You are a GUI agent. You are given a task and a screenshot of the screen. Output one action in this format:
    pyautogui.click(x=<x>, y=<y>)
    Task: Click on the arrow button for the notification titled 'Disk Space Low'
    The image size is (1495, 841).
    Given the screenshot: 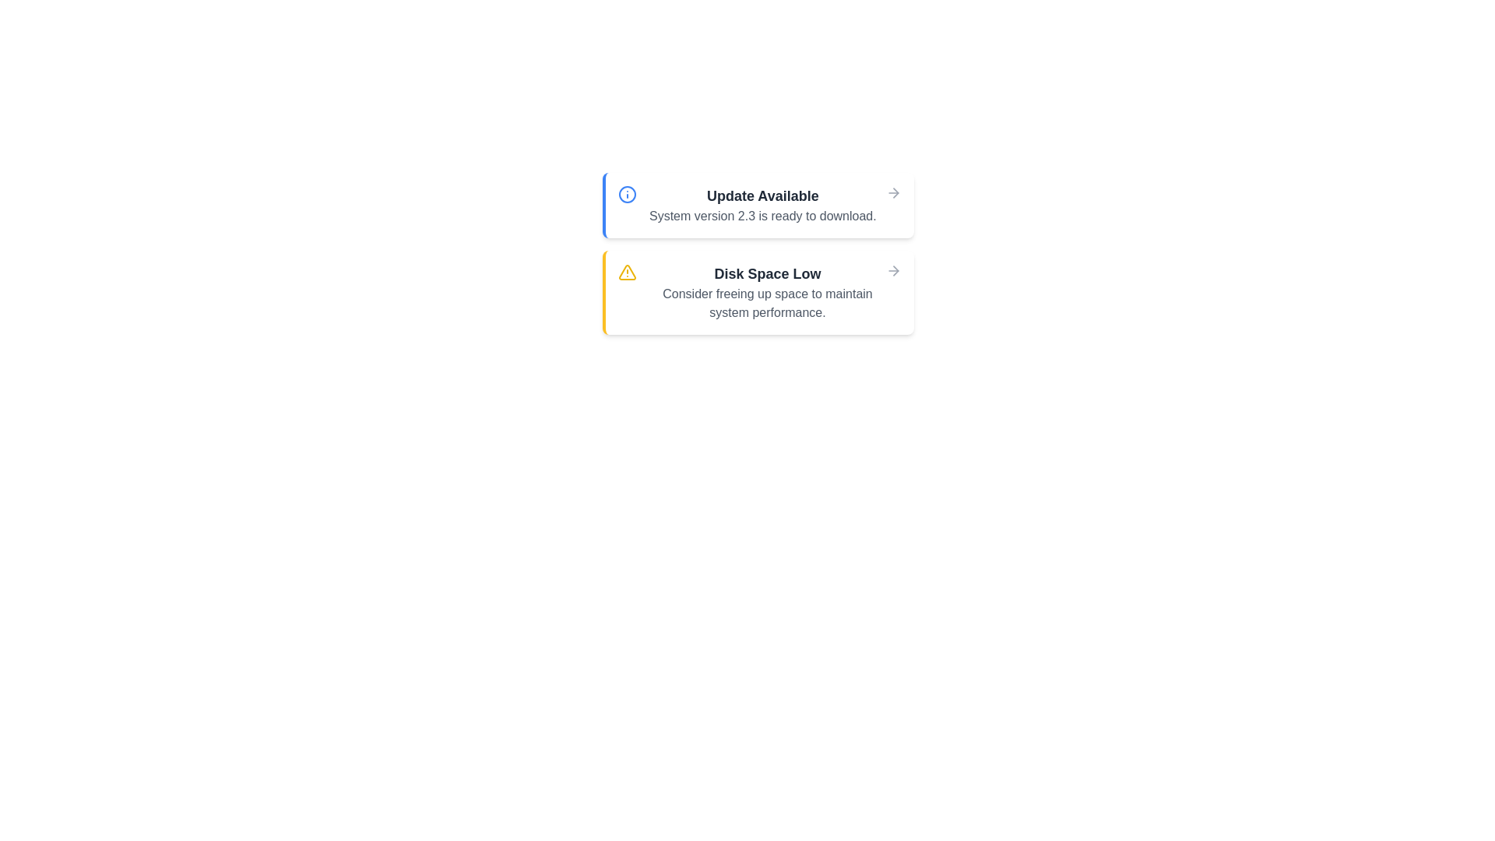 What is the action you would take?
    pyautogui.click(x=893, y=269)
    